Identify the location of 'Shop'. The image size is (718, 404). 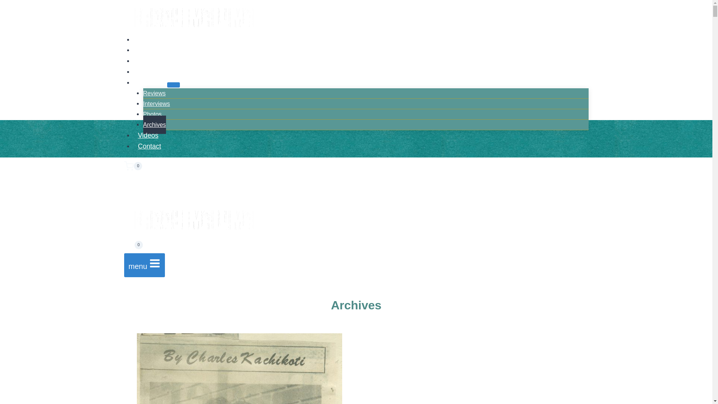
(145, 72).